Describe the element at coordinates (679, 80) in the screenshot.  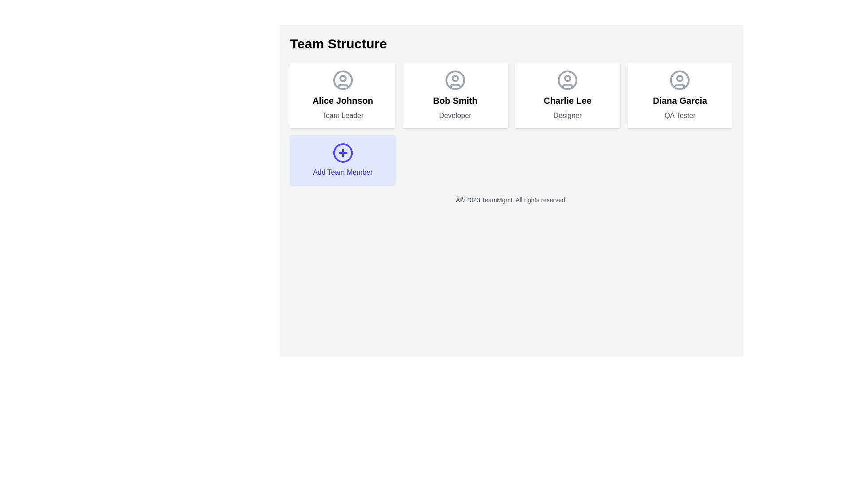
I see `the circular part of the user avatar icon for 'Diana Garcia - QA Tester', which is gray in color and centrally placed within the profile card` at that location.